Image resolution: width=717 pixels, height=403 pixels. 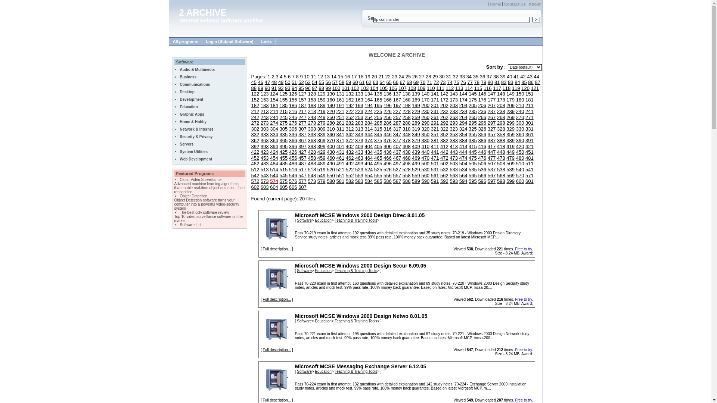 I want to click on '571', so click(x=529, y=175).